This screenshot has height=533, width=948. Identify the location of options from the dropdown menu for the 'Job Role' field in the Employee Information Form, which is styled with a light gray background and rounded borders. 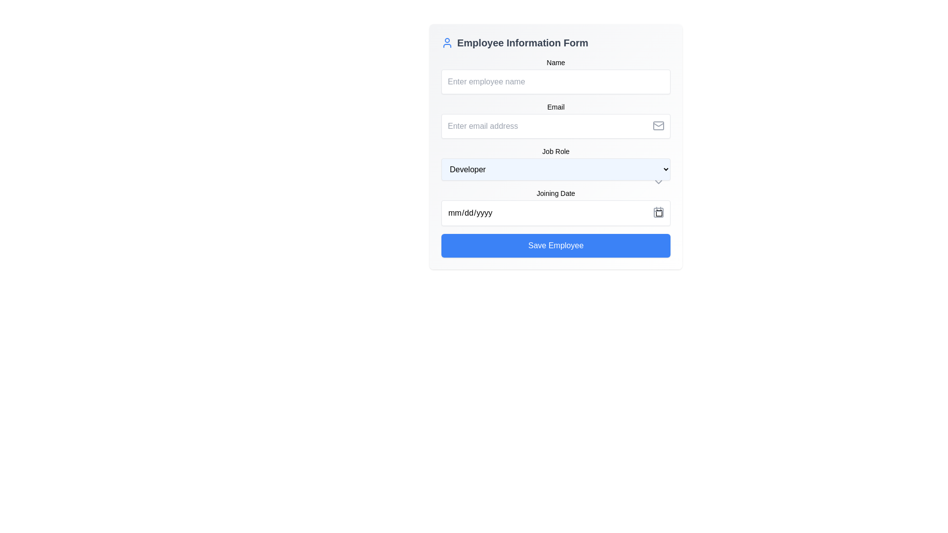
(556, 157).